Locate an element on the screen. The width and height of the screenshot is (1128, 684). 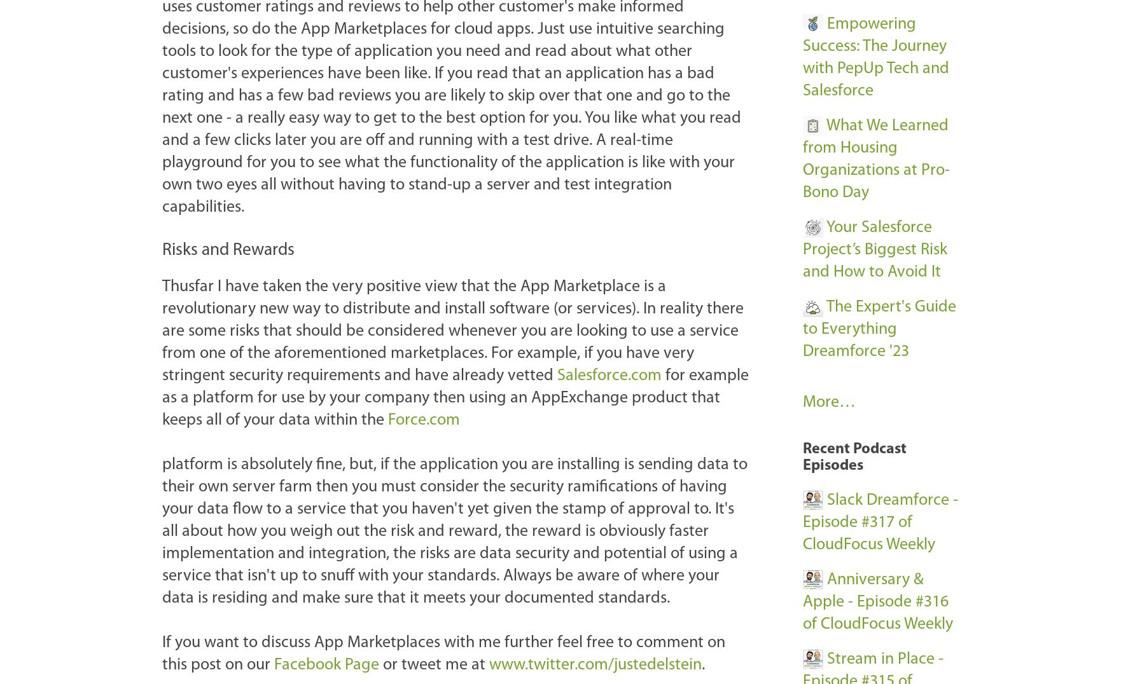
'Recent Podcast Episodes' is located at coordinates (854, 456).